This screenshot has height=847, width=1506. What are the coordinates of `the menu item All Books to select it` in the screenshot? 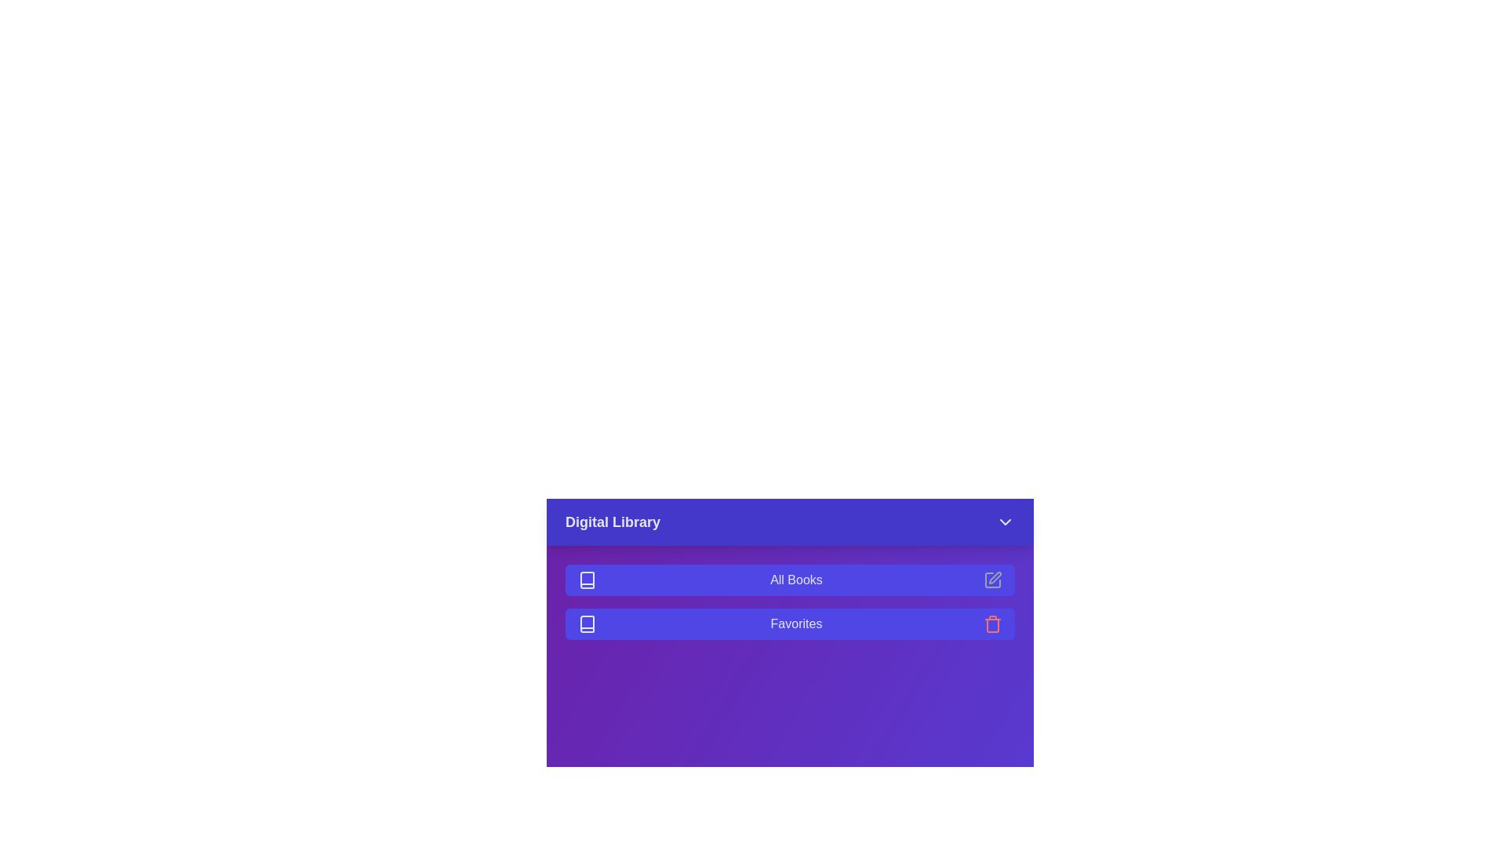 It's located at (790, 580).